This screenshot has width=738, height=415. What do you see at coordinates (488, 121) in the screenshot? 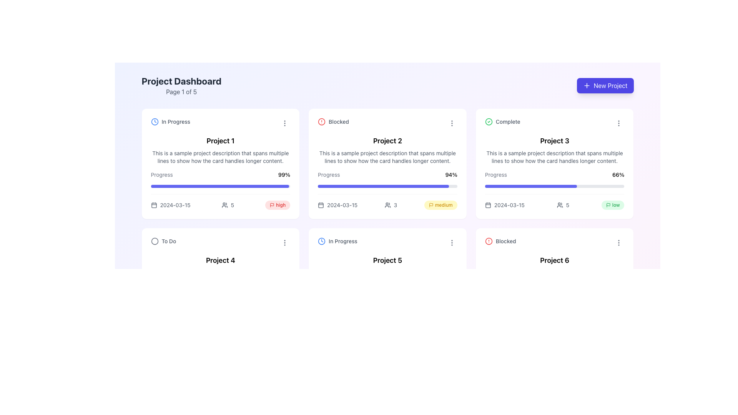
I see `'Complete' status icon for 'Project 3', located in the upper right segment of the dashboard grid layout` at bounding box center [488, 121].